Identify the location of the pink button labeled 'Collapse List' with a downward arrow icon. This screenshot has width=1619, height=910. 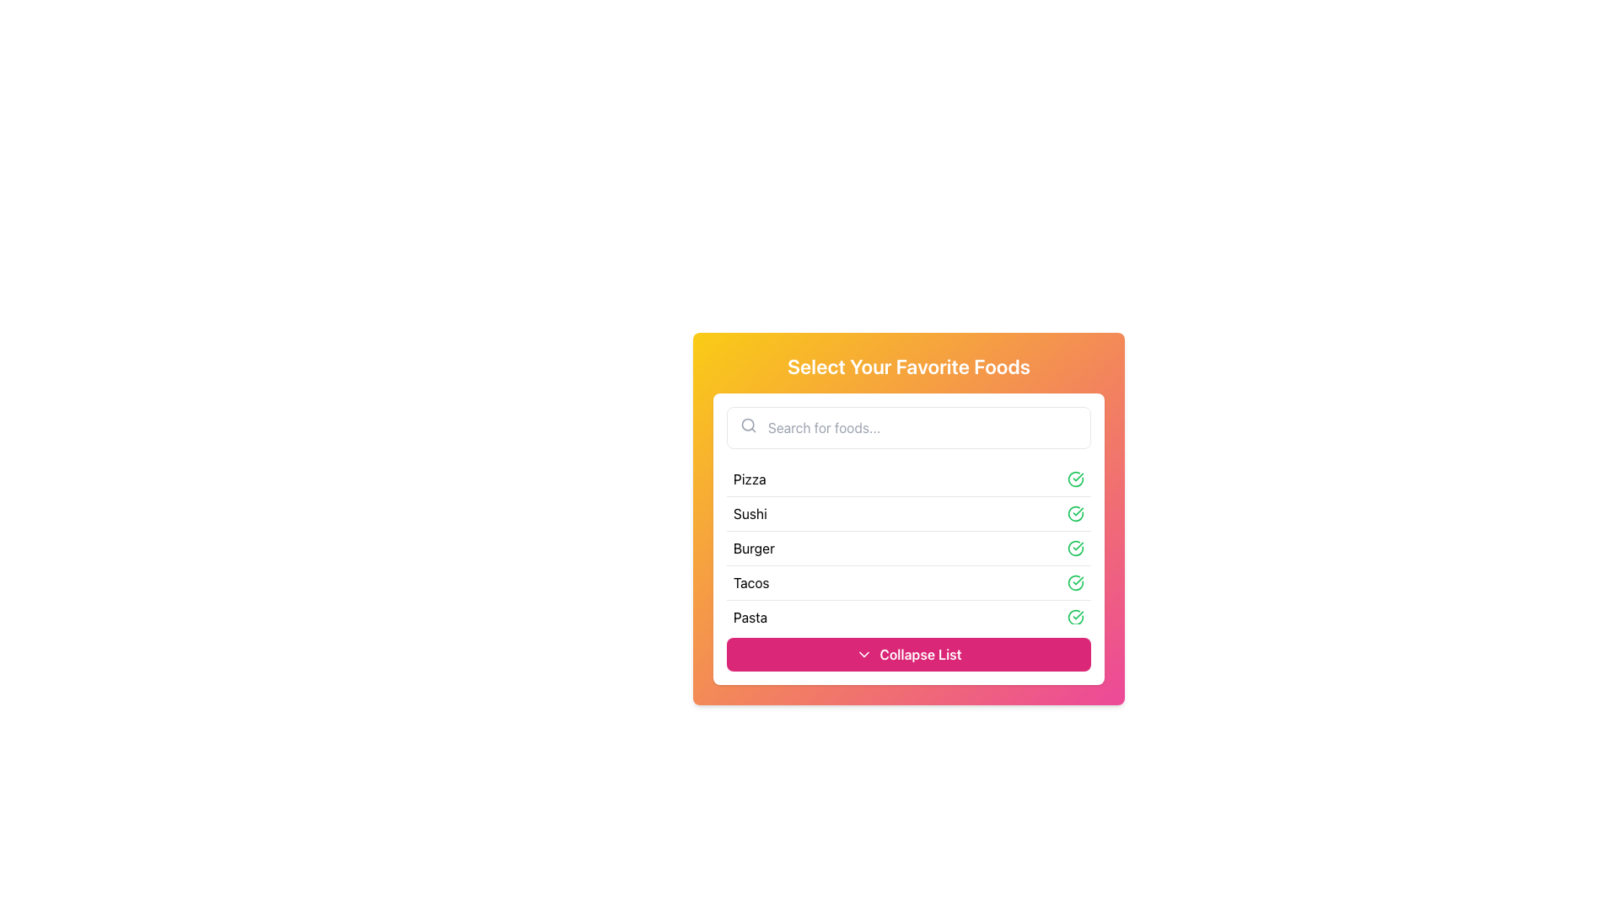
(908, 653).